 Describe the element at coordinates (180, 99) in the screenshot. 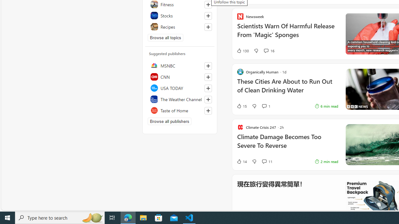

I see `'The Weather Channel'` at that location.